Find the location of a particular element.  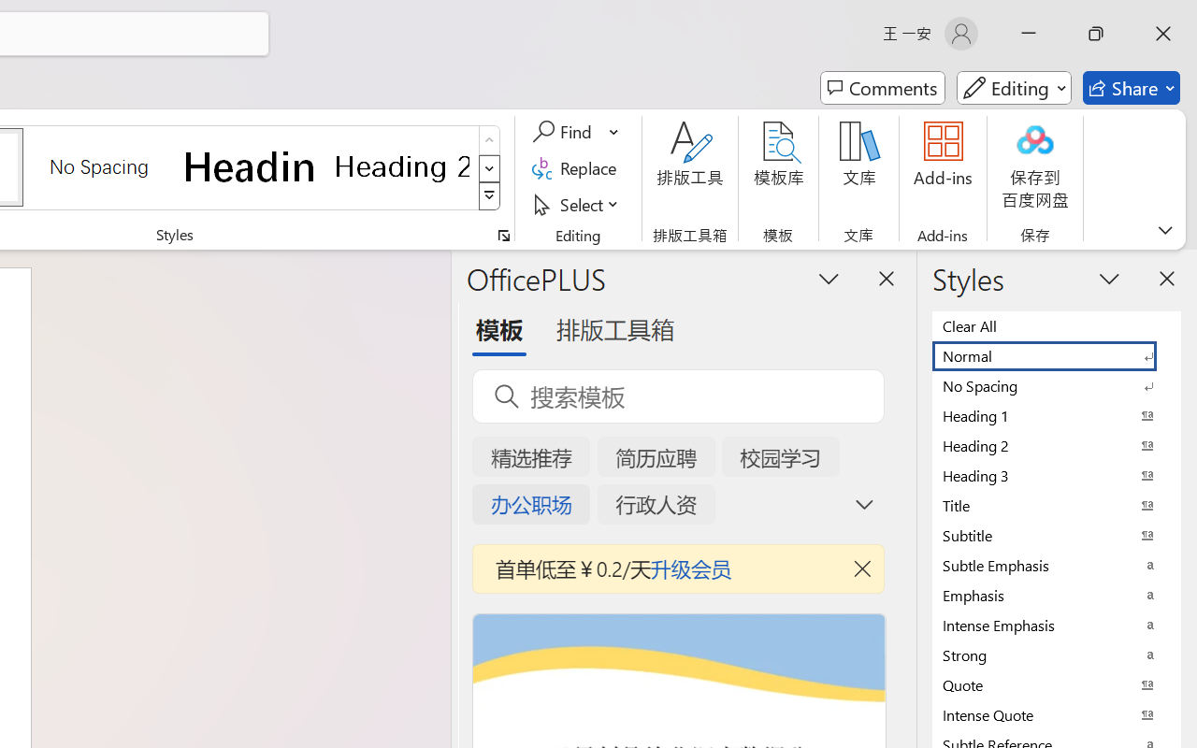

'No Spacing' is located at coordinates (1057, 385).